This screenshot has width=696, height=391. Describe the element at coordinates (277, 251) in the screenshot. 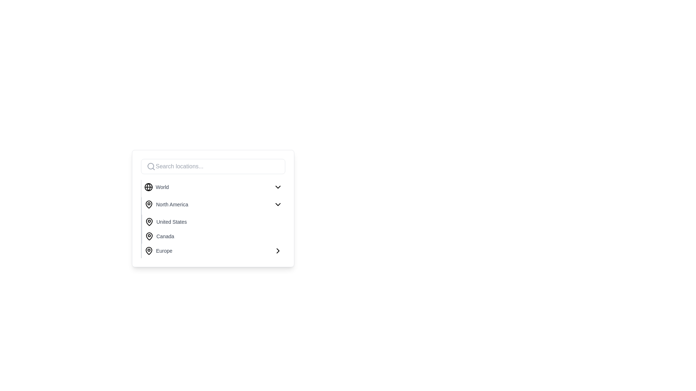

I see `the Right-chevron icon located to the right of the 'Europe' text in the fifth row of the dropdown menu` at that location.